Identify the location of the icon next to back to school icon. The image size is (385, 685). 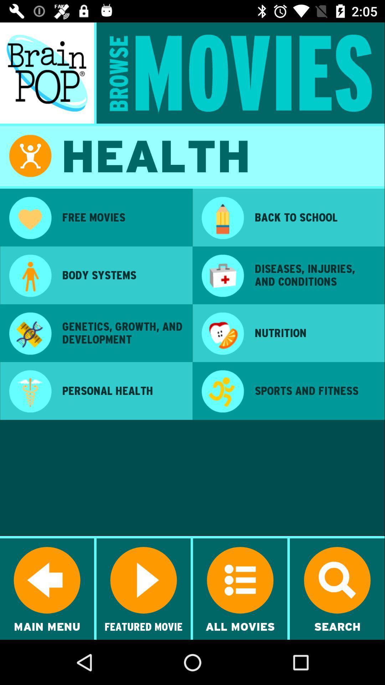
(222, 218).